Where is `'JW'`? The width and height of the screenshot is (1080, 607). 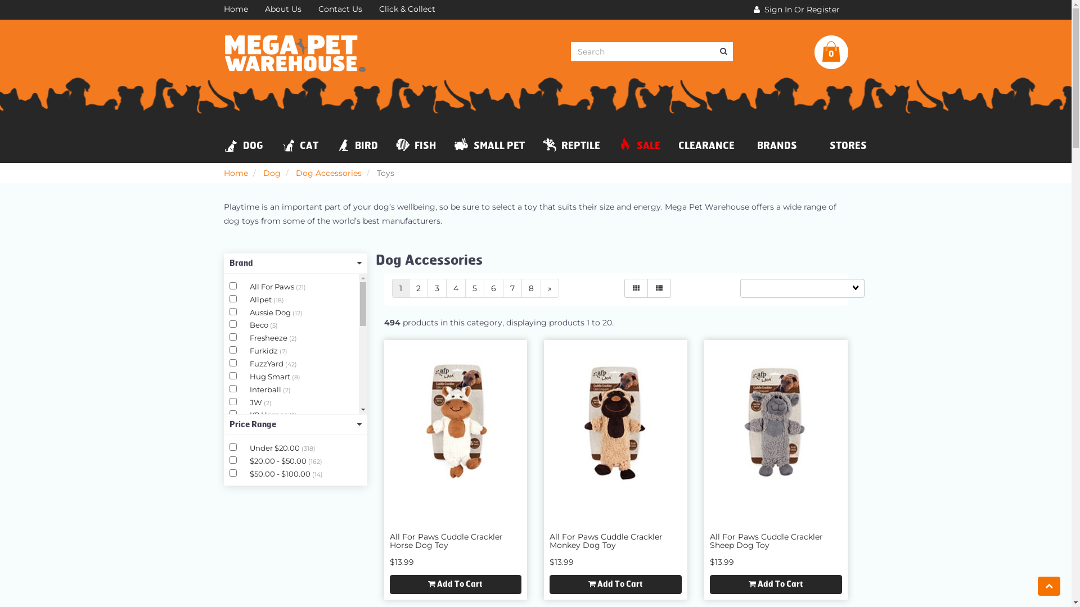 'JW' is located at coordinates (256, 402).